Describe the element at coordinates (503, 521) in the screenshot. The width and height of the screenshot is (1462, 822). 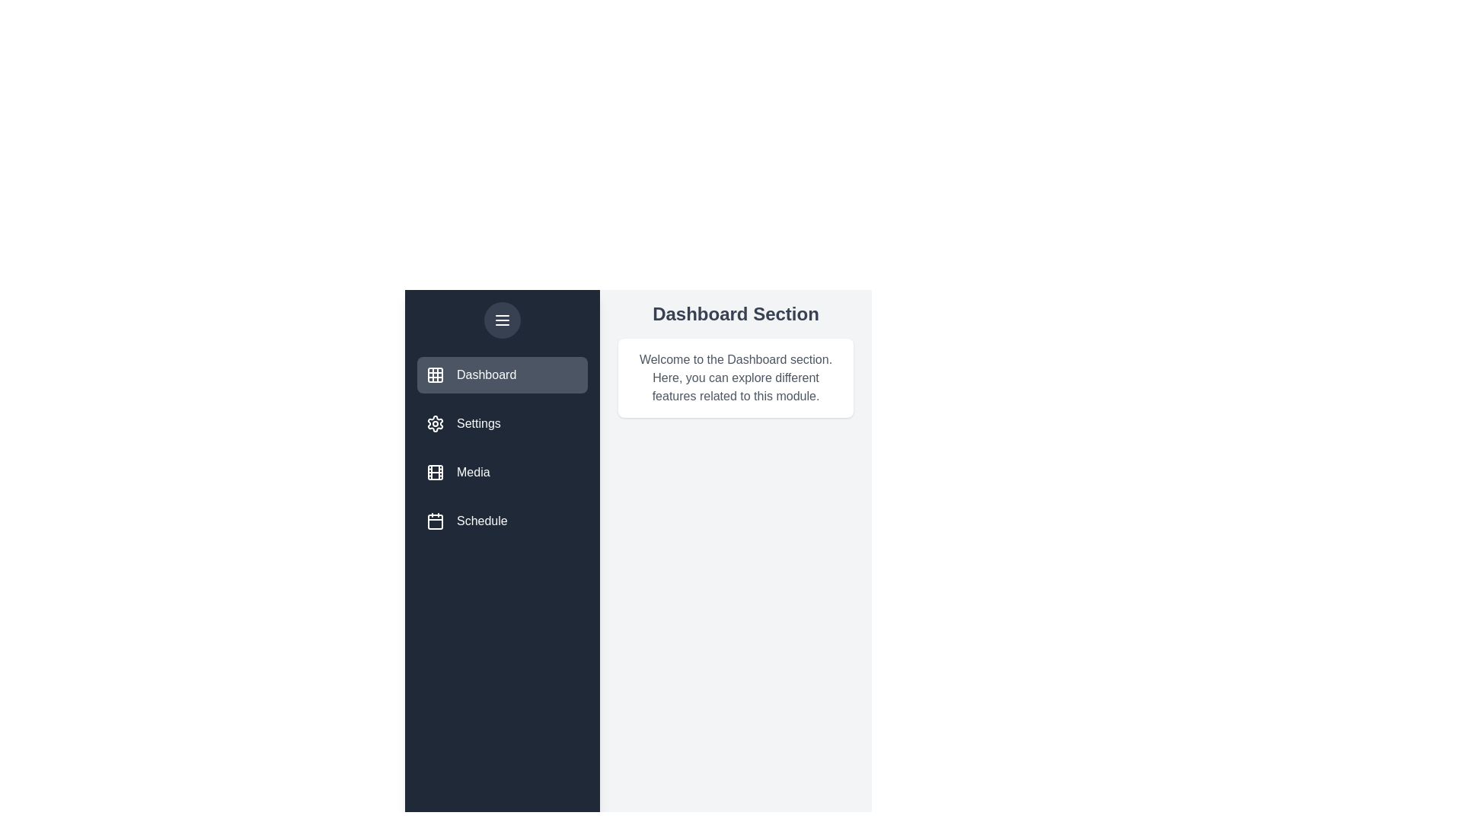
I see `the menu item Schedule` at that location.